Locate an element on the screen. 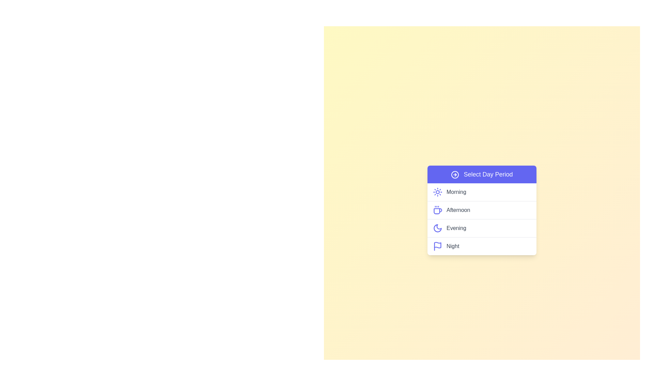  'Select Day Period' button to toggle the menu visibility is located at coordinates (482, 174).